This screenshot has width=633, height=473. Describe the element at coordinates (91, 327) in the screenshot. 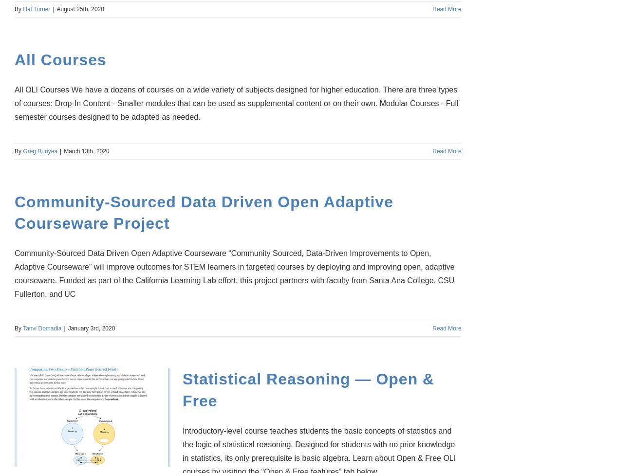

I see `'January 3rd, 2020'` at that location.